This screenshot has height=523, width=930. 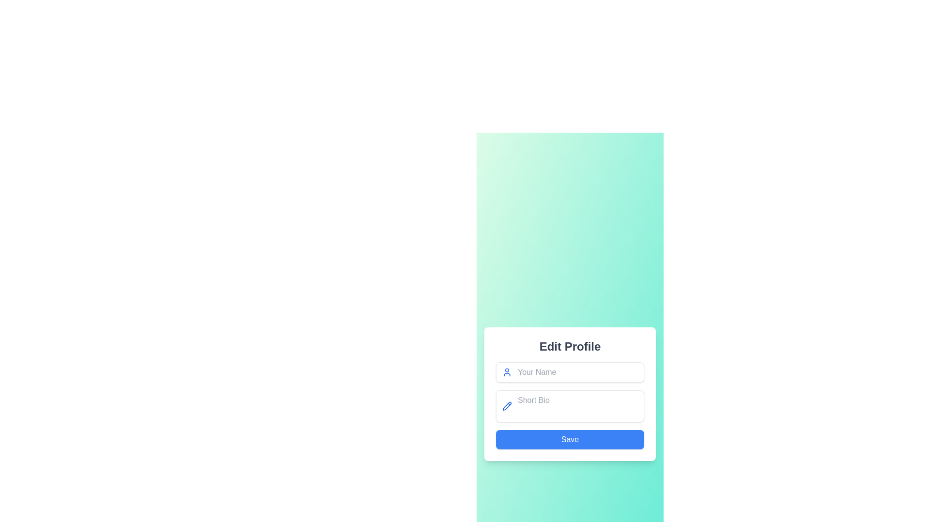 I want to click on the blue 'Save' button with rounded corners located at the bottom of the 'Edit Profile' form to change its background color, so click(x=570, y=439).